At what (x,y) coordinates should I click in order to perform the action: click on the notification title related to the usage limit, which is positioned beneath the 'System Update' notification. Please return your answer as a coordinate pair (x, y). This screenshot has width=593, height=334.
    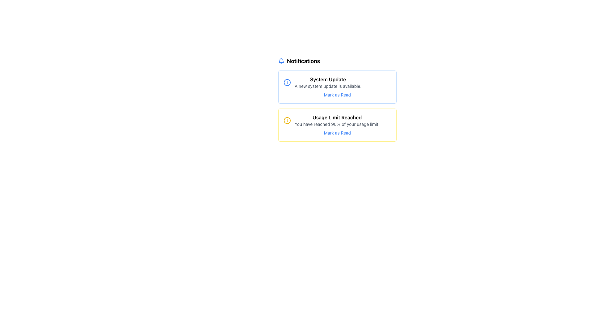
    Looking at the image, I should click on (337, 118).